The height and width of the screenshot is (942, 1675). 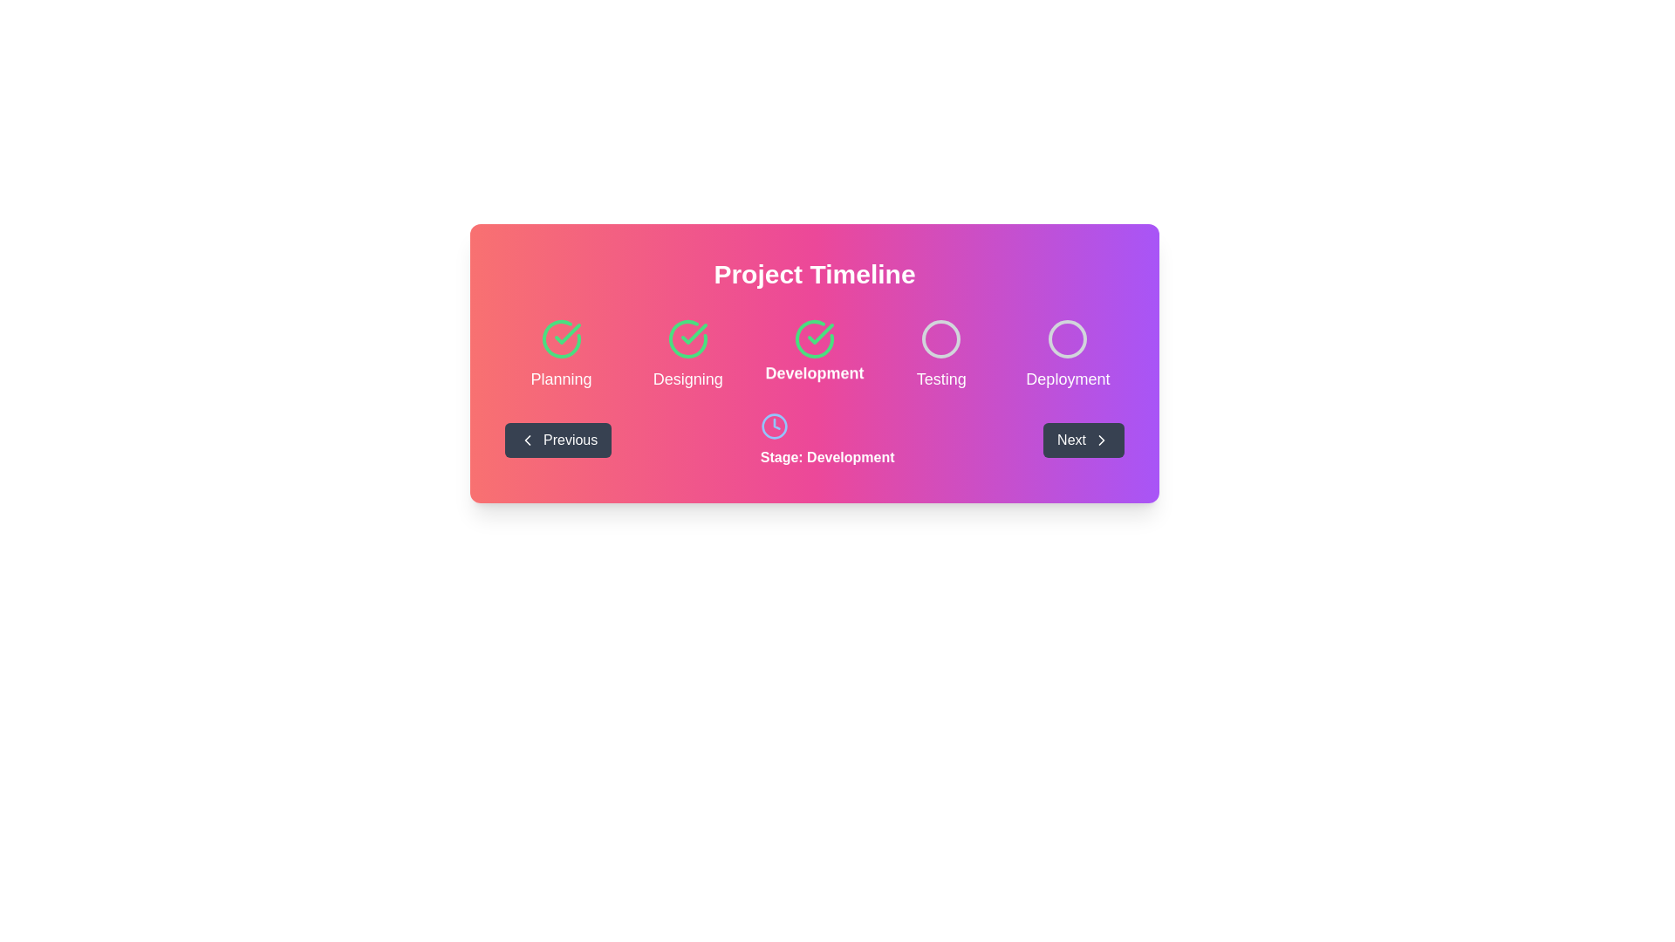 What do you see at coordinates (813, 376) in the screenshot?
I see `the text label displaying 'Development' which is styled in bold and larger size, and is located centrally below a checked circle icon` at bounding box center [813, 376].